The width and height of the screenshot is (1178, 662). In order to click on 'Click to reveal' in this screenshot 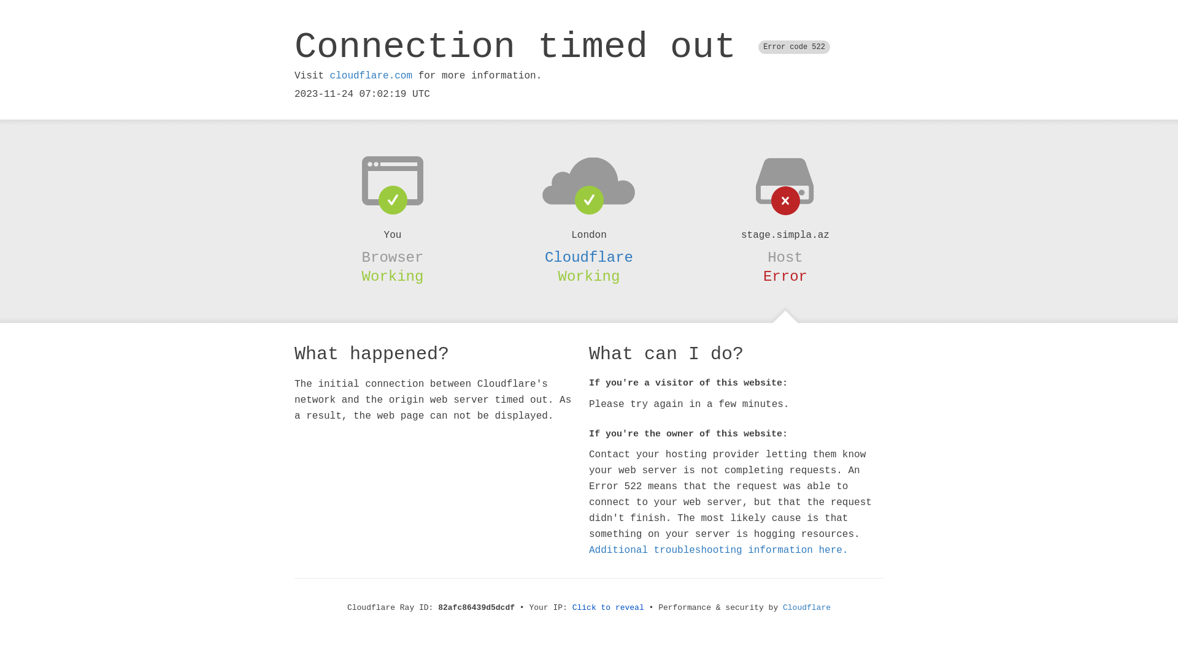, I will do `click(608, 607)`.